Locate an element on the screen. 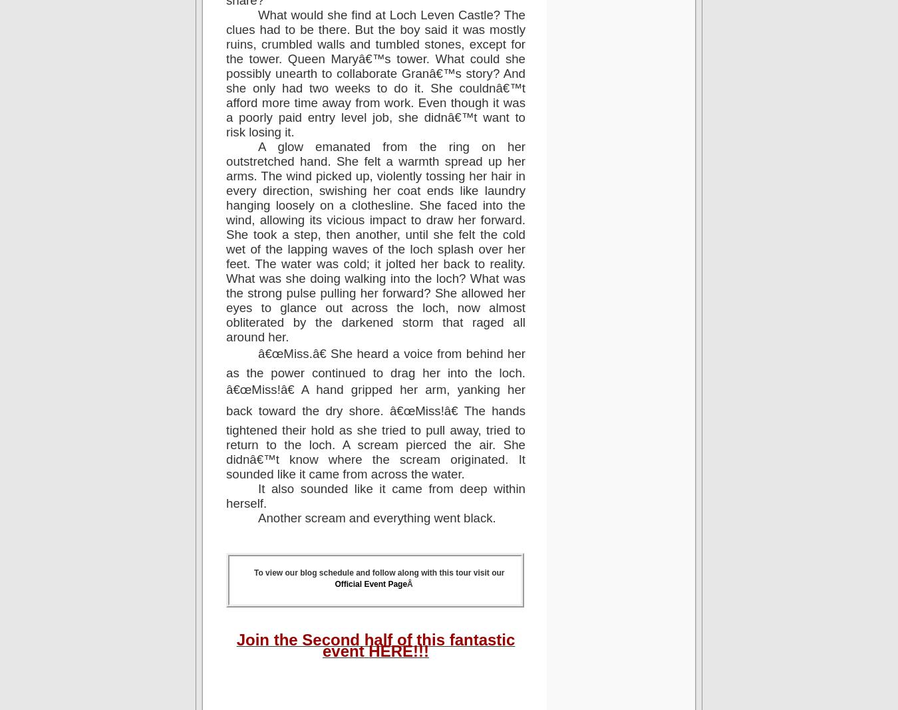 This screenshot has height=710, width=898. 'â€œMiss.â€ She heard a voice from behind her as the power continued to drag her into the loch. â€œMiss!â€ A hand gripped her arm, yanking her back toward the dry shore. â€œMiss!â€ The hands tightened their hold as she tried to pull away, tried to return to the loch. A scream pierced the air. She didnâ€™t know where the scream originated. It sounded like it came from across the water.' is located at coordinates (226, 413).